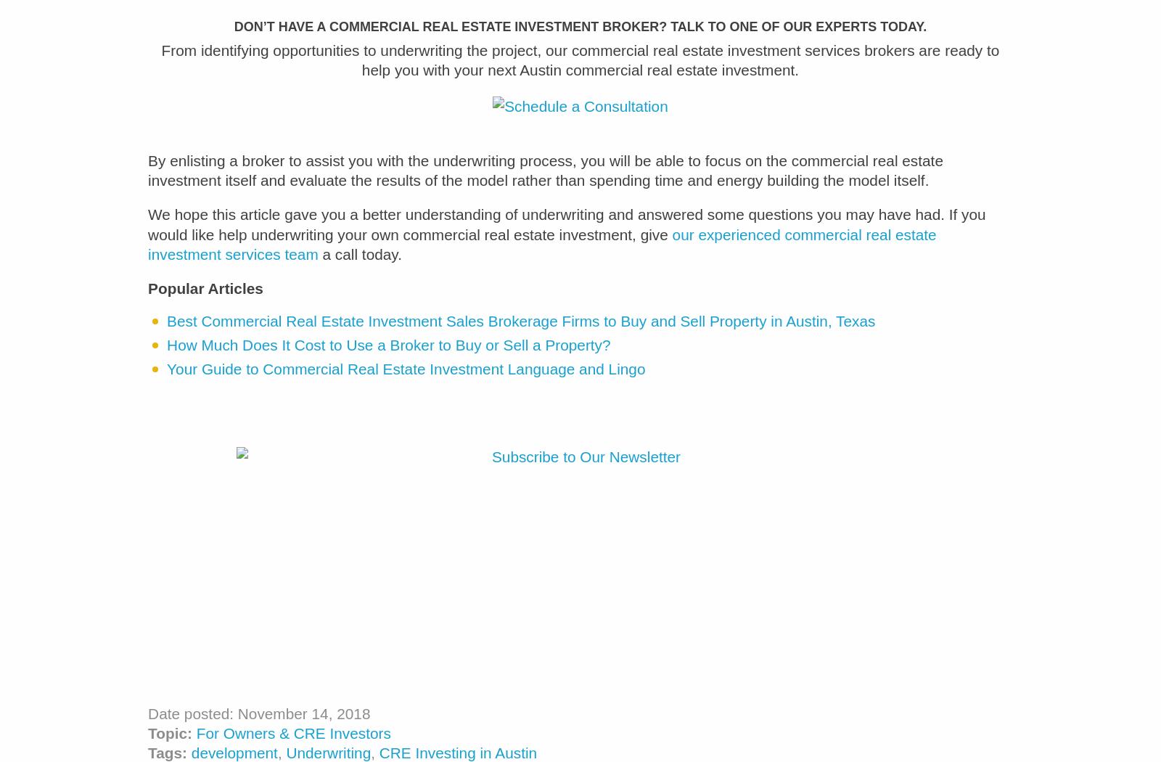 Image resolution: width=1161 pixels, height=762 pixels. Describe the element at coordinates (148, 253) in the screenshot. I see `'our experienced commercial real estate investment services team'` at that location.